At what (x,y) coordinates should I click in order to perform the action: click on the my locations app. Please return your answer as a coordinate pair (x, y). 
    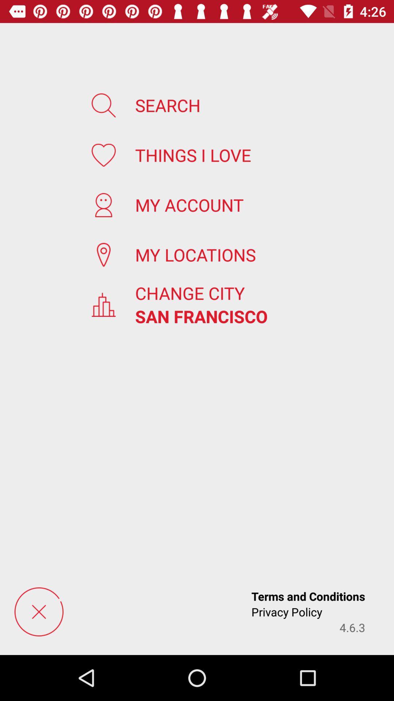
    Looking at the image, I should click on (195, 254).